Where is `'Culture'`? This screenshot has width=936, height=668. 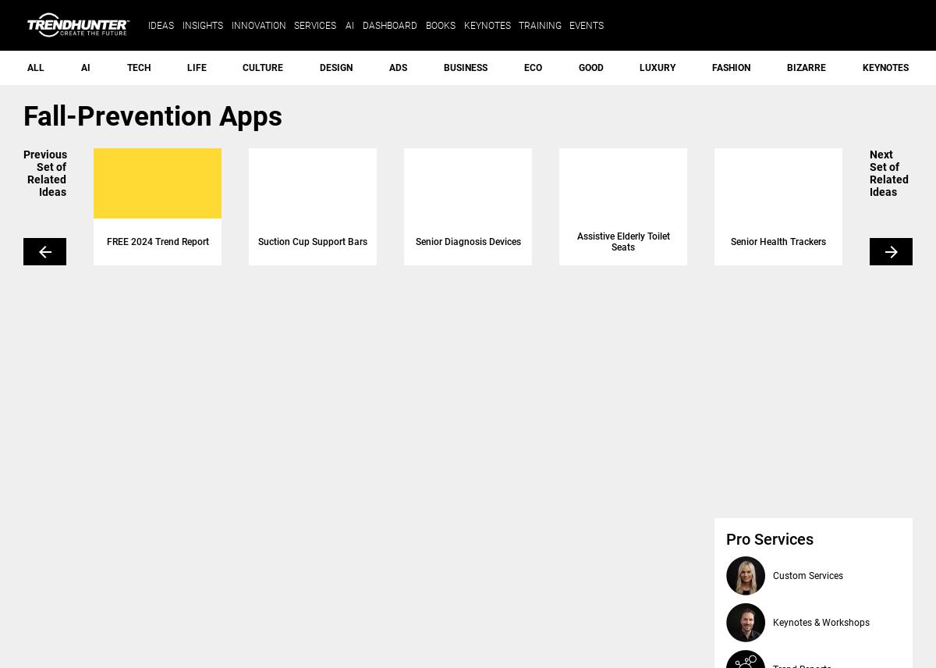 'Culture' is located at coordinates (262, 67).